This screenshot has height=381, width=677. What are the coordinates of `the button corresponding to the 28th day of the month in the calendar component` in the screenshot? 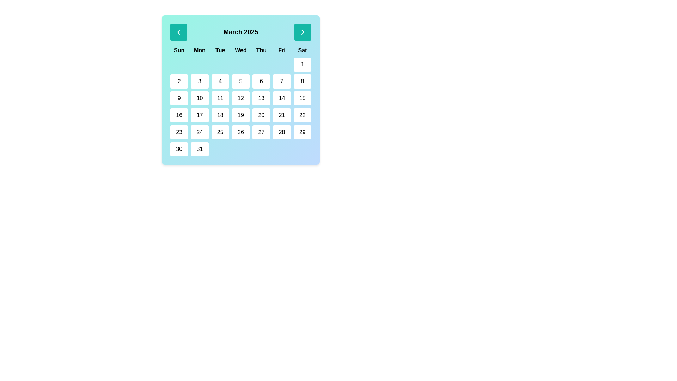 It's located at (281, 132).